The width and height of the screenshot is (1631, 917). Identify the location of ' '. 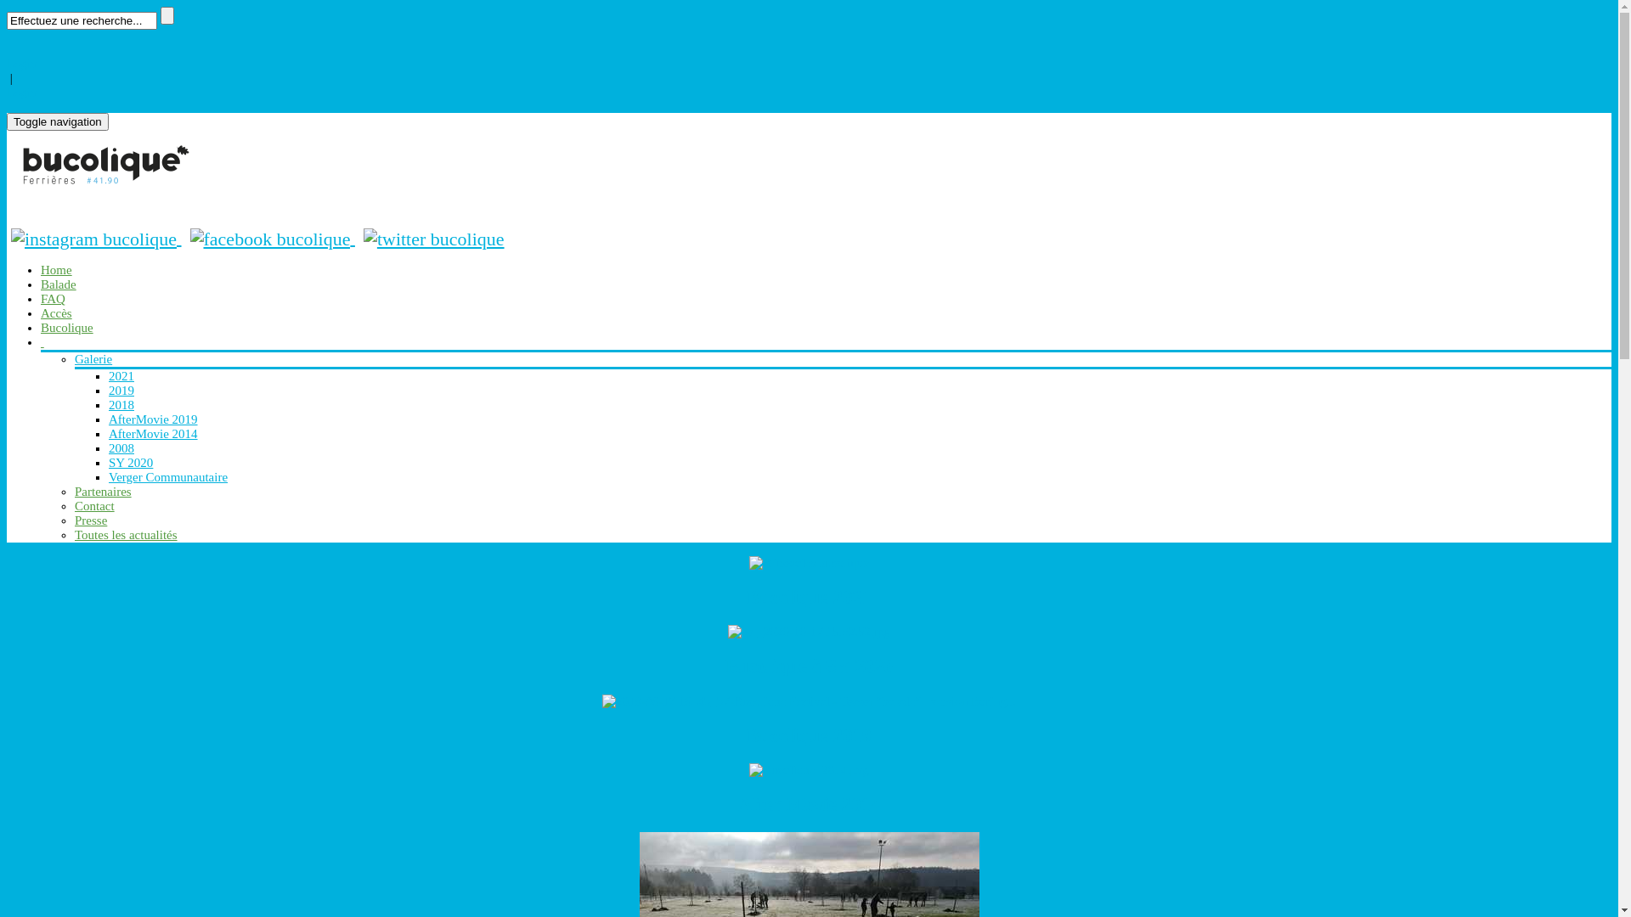
(42, 341).